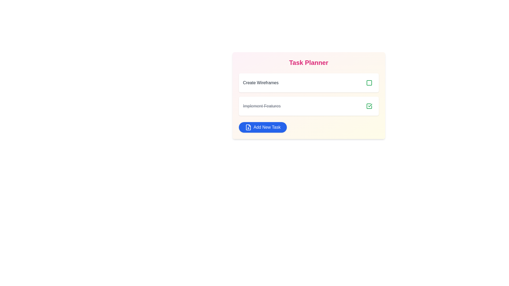 This screenshot has width=509, height=286. What do you see at coordinates (248, 127) in the screenshot?
I see `the 'Add' icon with a document and a plus symbol, located within the 'Add New Task' button at the bottom of the interface` at bounding box center [248, 127].